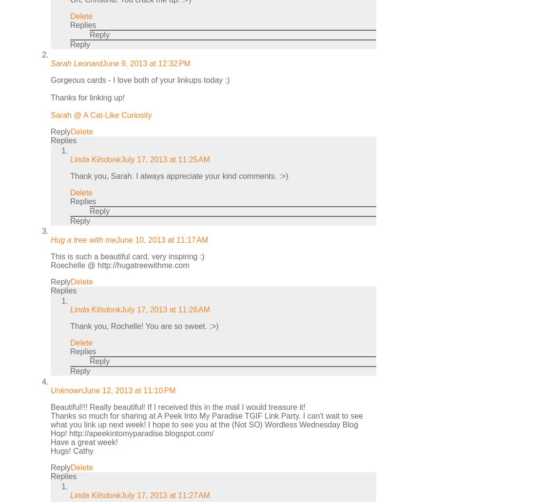 The image size is (540, 502). What do you see at coordinates (82, 239) in the screenshot?
I see `'Hug a tree with me'` at bounding box center [82, 239].